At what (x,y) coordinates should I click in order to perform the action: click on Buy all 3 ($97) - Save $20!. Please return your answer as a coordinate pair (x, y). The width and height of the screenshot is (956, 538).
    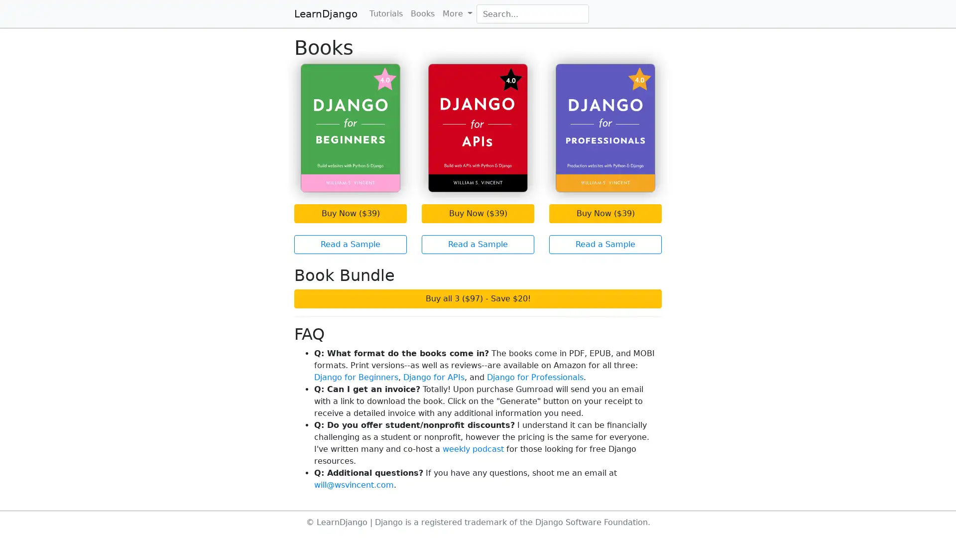
    Looking at the image, I should click on (478, 297).